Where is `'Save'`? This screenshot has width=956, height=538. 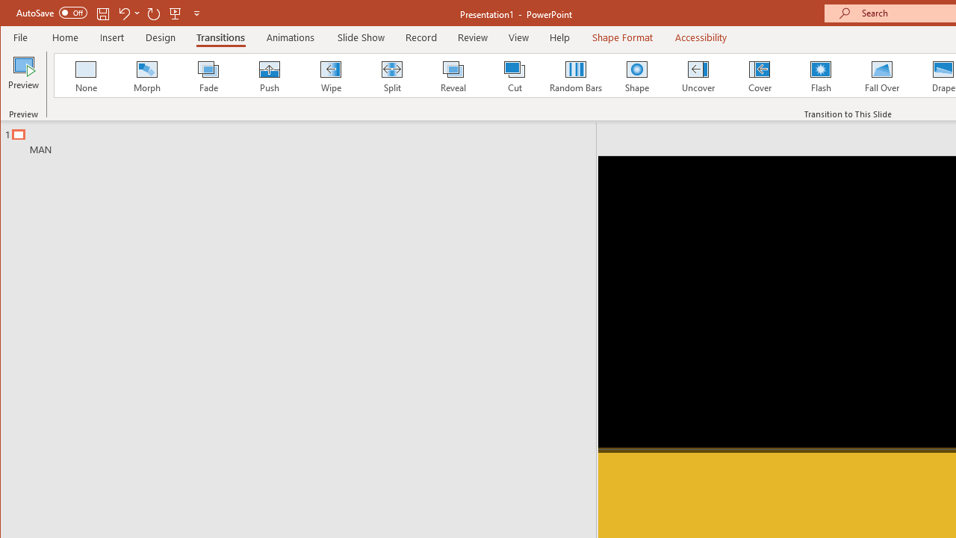 'Save' is located at coordinates (102, 13).